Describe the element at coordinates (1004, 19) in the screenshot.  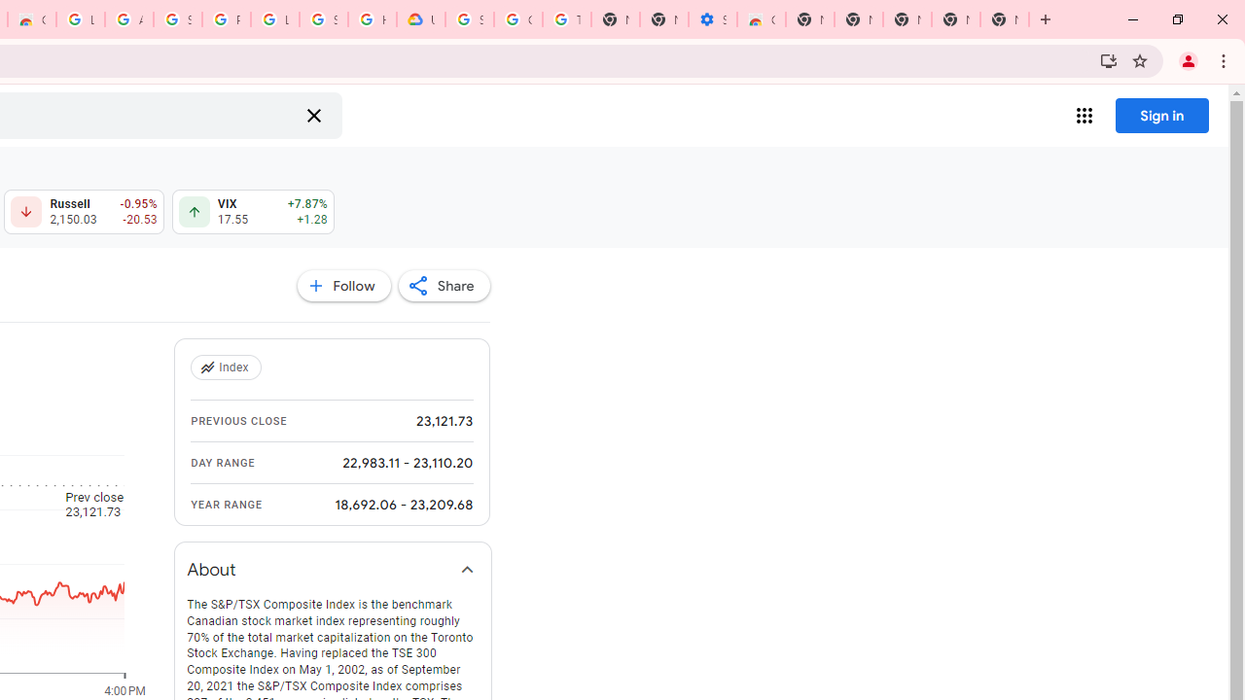
I see `'New Tab'` at that location.